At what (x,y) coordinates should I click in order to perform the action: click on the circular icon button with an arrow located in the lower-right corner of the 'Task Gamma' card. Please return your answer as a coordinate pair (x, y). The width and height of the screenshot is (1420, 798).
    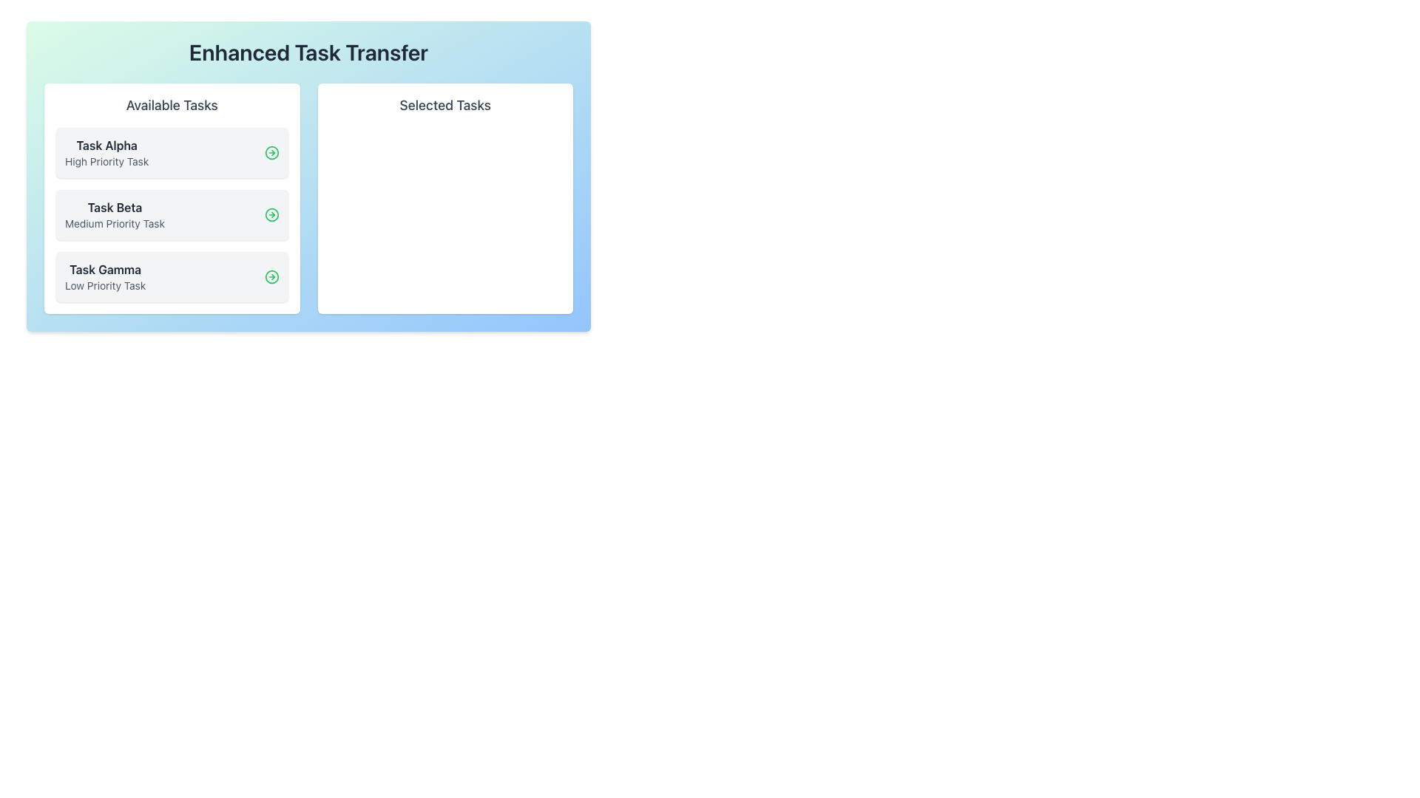
    Looking at the image, I should click on (271, 276).